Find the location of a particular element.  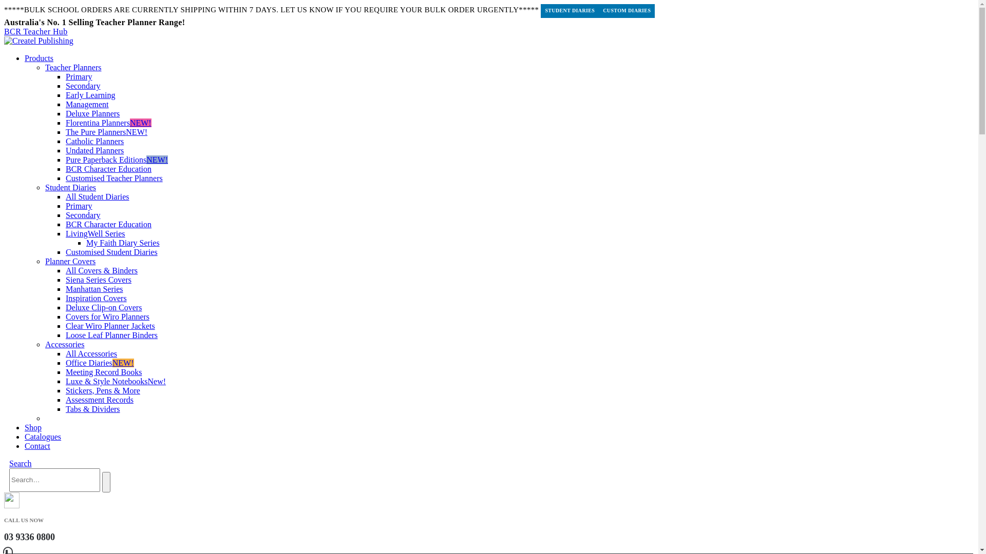

'All Student Diaries' is located at coordinates (98, 196).